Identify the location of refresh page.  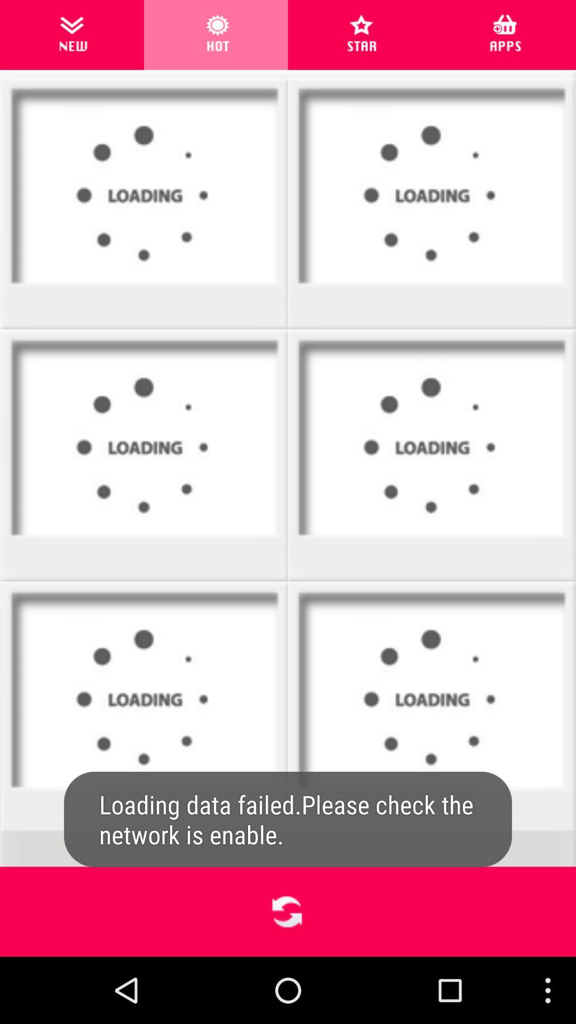
(287, 911).